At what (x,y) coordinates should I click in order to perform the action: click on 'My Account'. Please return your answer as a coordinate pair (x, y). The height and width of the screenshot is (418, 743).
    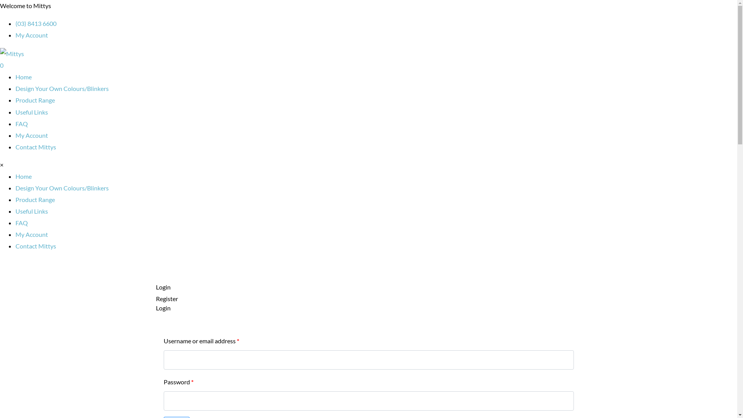
    Looking at the image, I should click on (31, 135).